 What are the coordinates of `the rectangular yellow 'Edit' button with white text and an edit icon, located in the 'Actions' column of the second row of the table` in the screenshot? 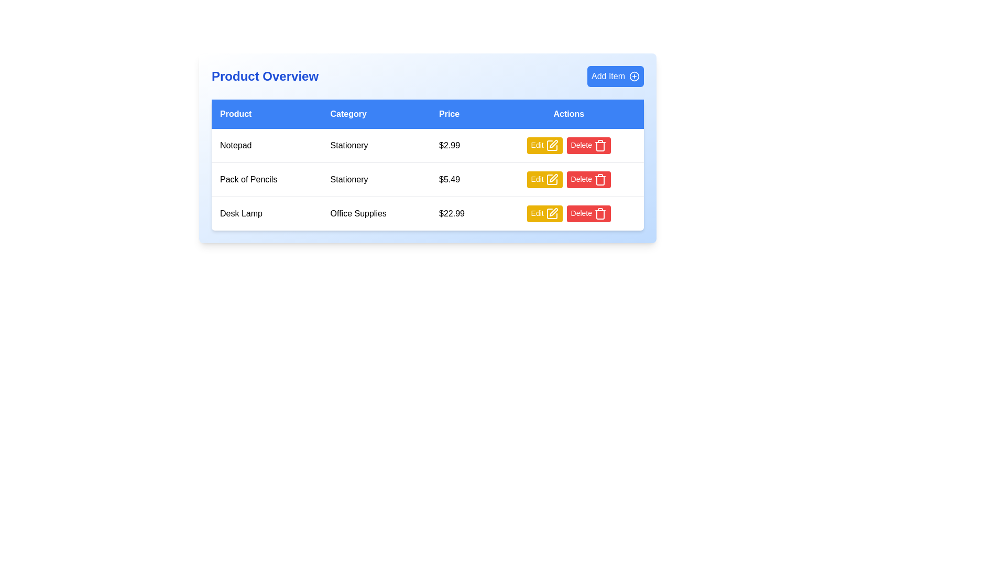 It's located at (544, 179).